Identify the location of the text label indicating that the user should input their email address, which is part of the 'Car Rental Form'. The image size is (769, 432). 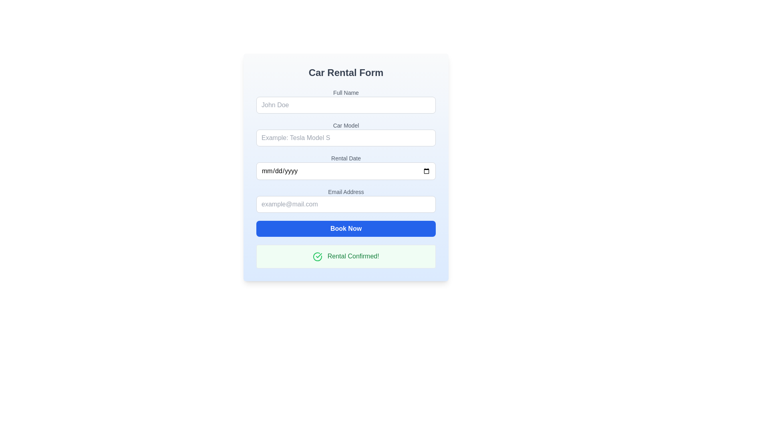
(346, 192).